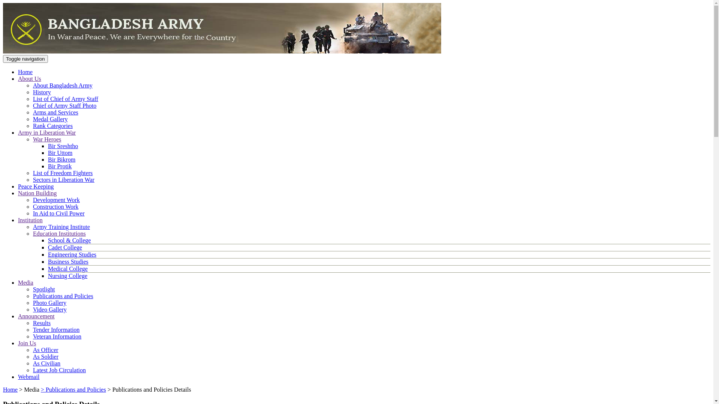  I want to click on 'Tender Information', so click(56, 329).